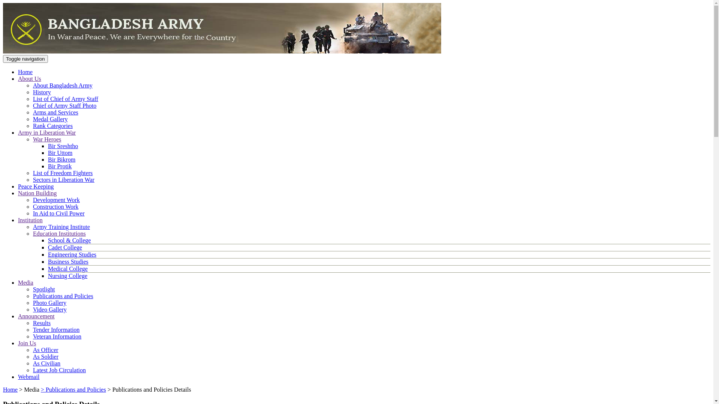  I want to click on 'Tender Information', so click(56, 329).